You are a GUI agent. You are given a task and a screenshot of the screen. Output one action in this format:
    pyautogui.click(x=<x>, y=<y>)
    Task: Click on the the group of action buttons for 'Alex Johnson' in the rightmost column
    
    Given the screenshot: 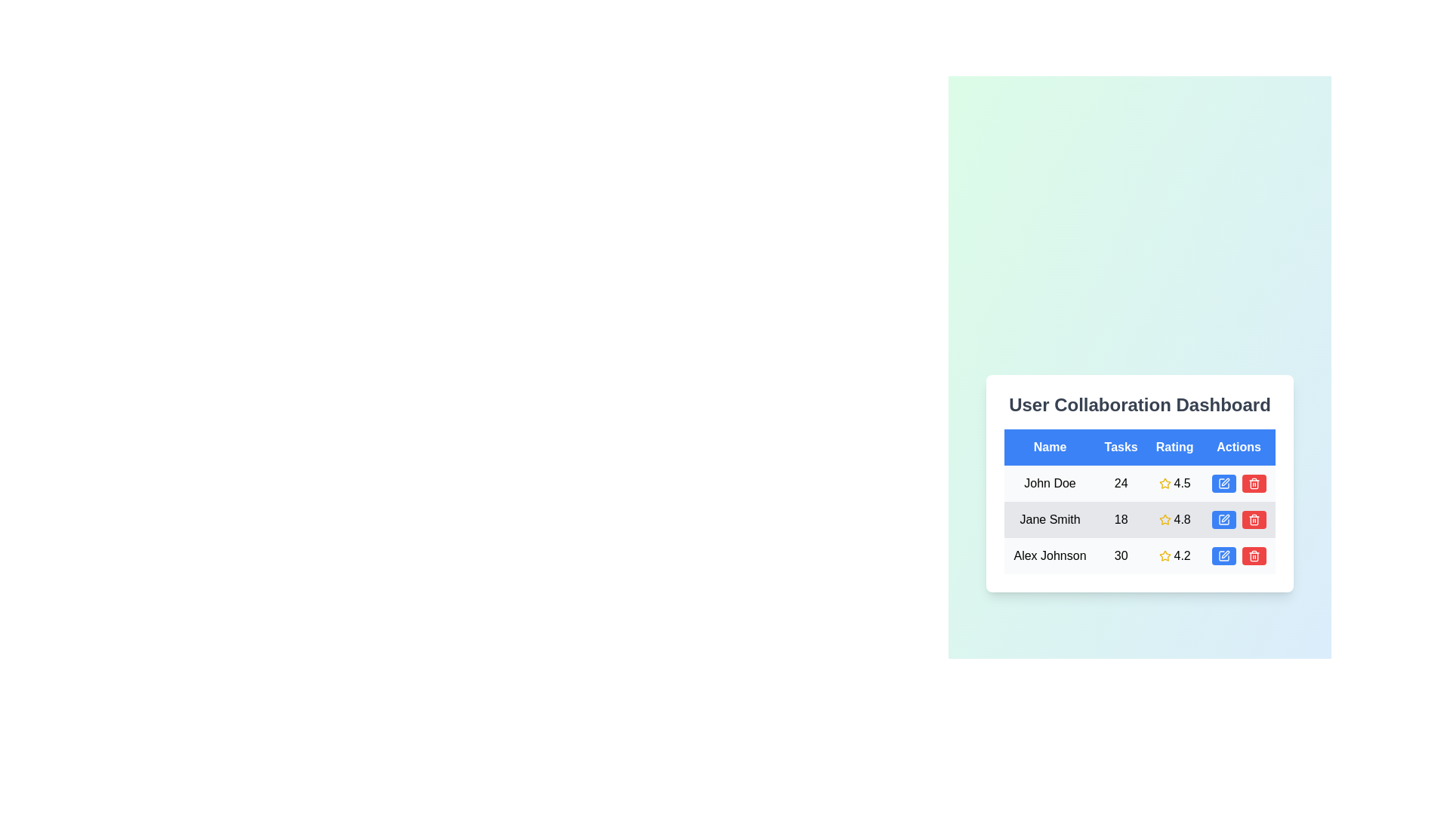 What is the action you would take?
    pyautogui.click(x=1239, y=555)
    